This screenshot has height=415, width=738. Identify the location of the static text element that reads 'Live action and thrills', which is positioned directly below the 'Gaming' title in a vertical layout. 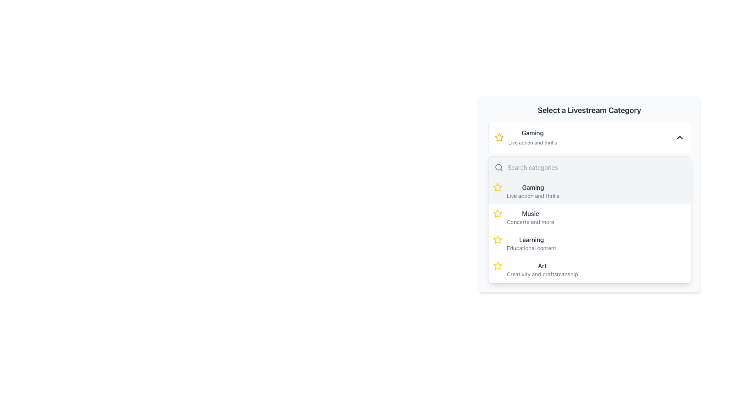
(532, 195).